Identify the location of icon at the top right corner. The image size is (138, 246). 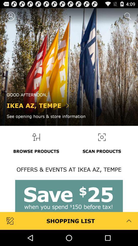
(127, 16).